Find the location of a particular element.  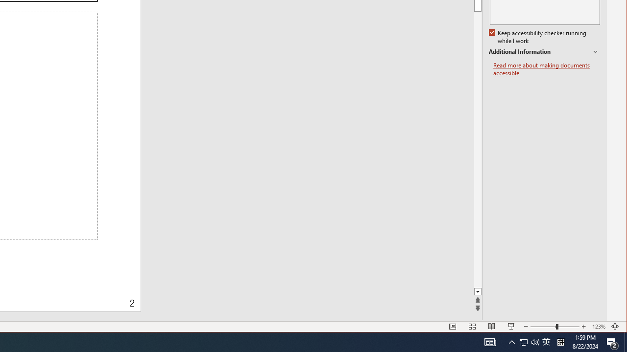

'Notification Chevron' is located at coordinates (511, 341).